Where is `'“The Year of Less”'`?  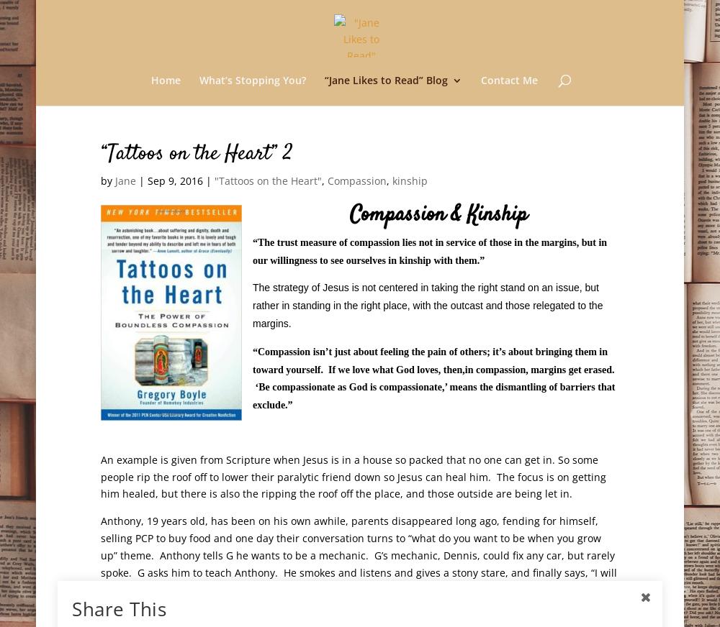
'“The Year of Less”' is located at coordinates (397, 418).